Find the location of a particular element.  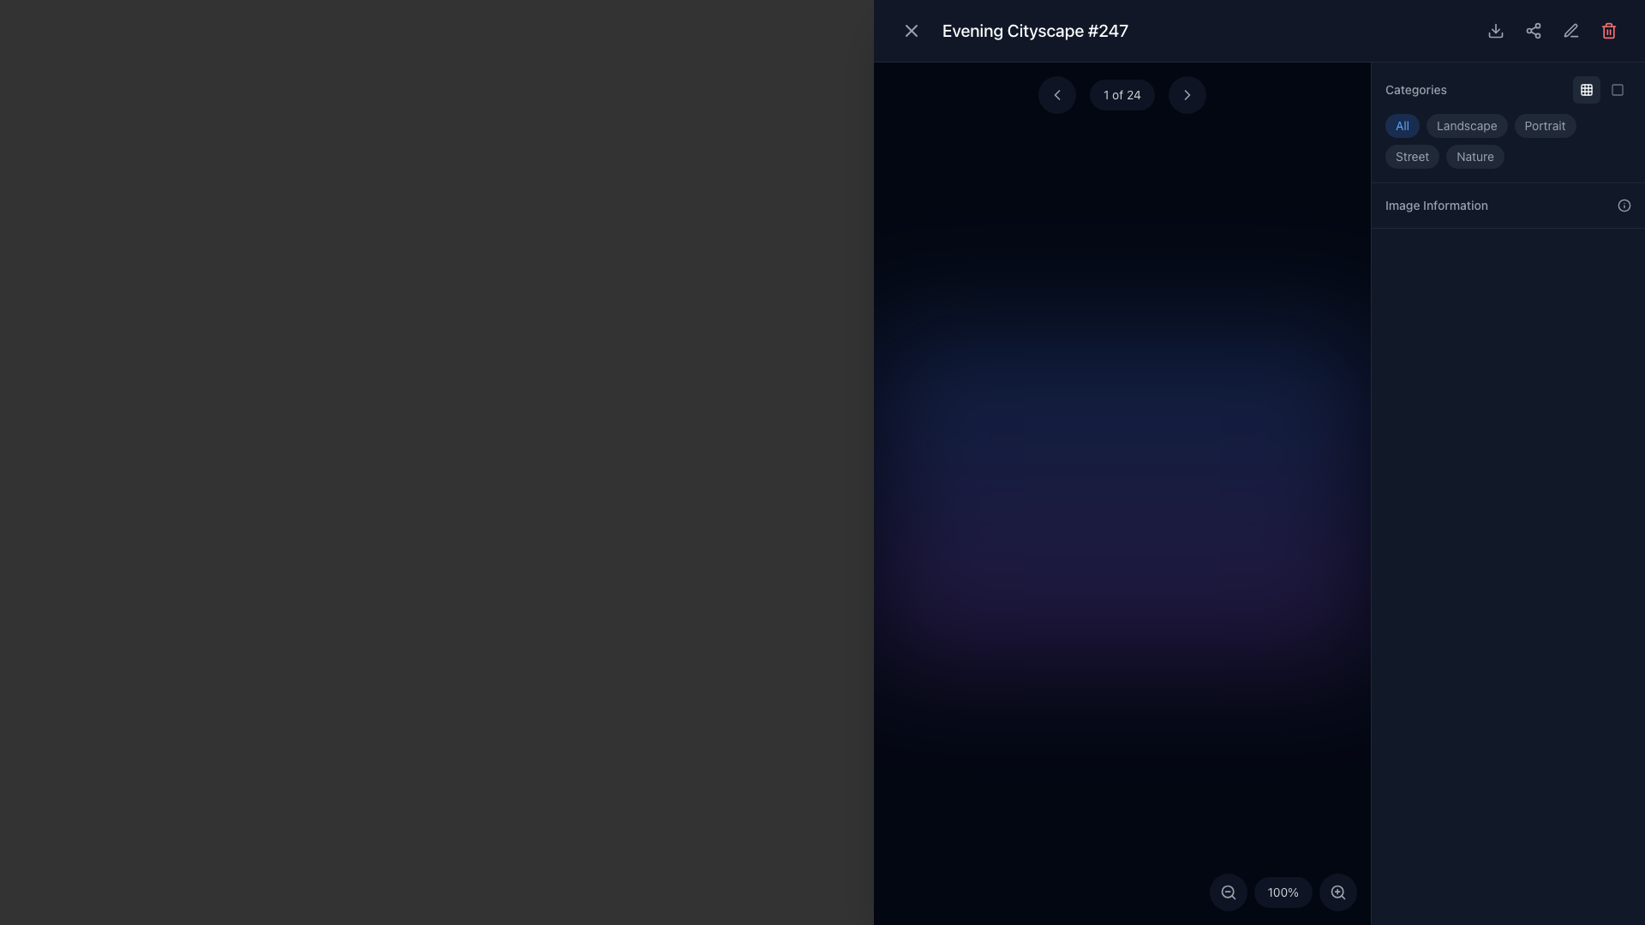

the Icon button located at the top-right corner of the interface is located at coordinates (1495, 30).